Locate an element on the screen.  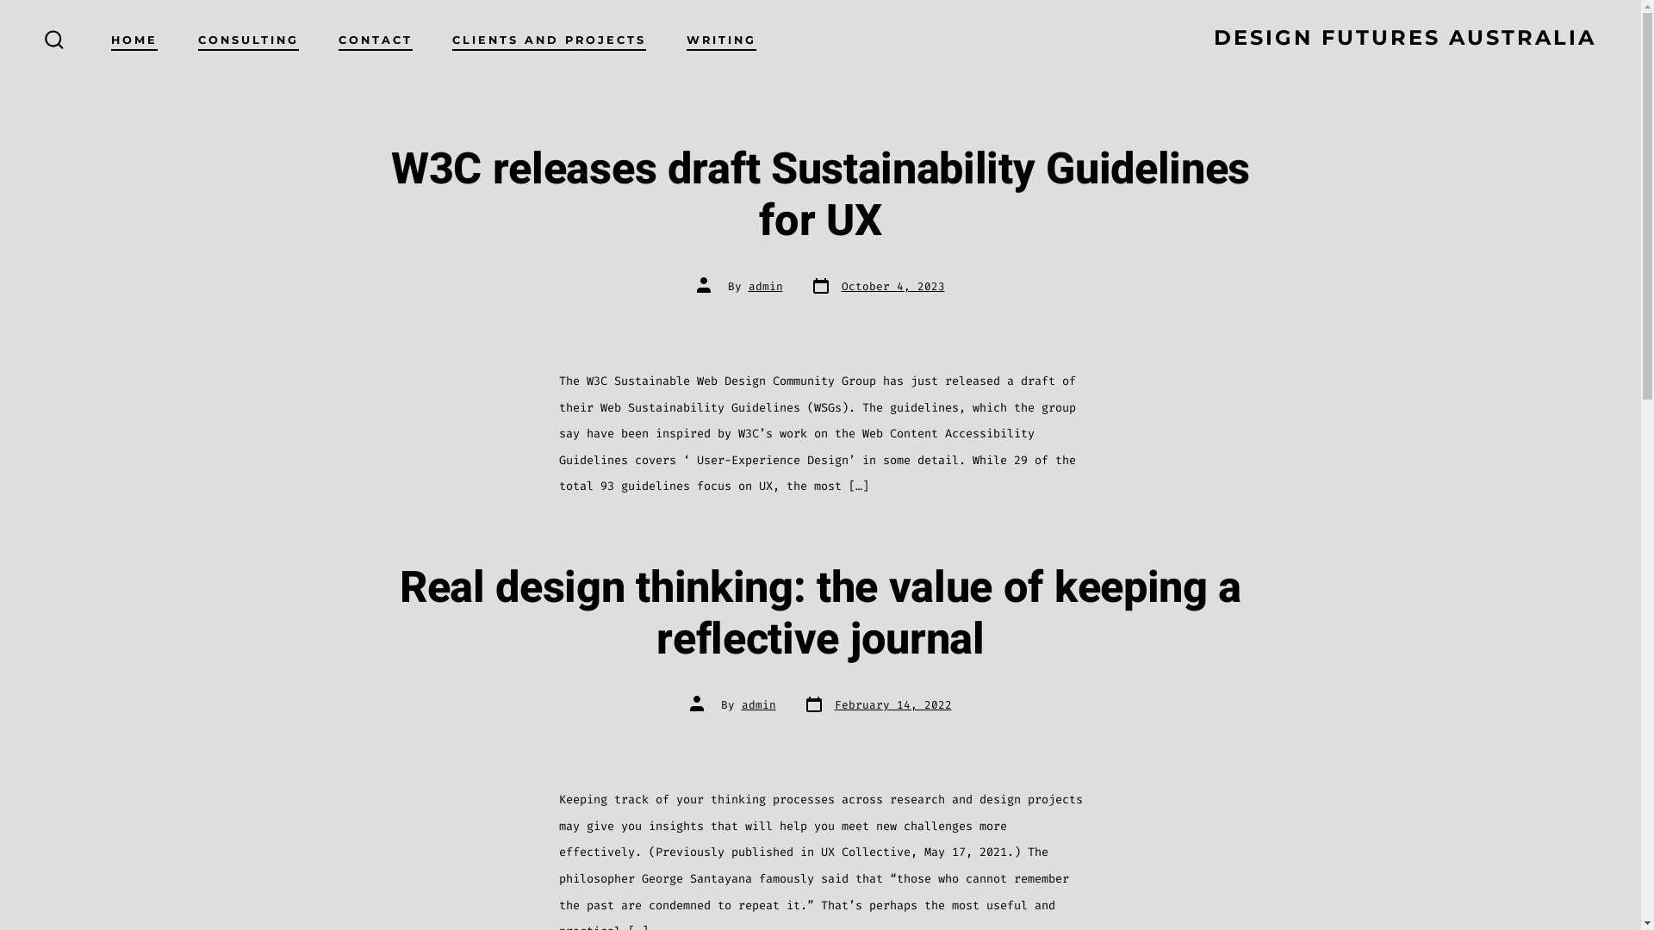
'CLIENTS AND PROJECTS' is located at coordinates (548, 40).